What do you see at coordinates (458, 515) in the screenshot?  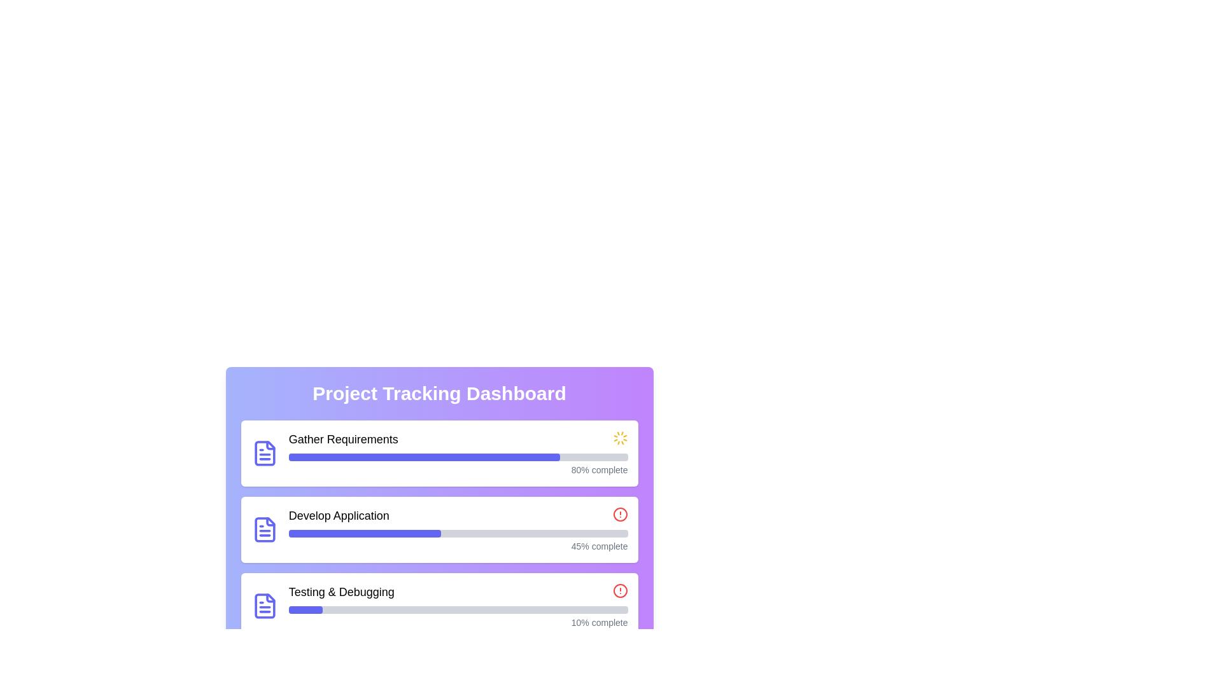 I see `the 'Develop Application' task indicator` at bounding box center [458, 515].